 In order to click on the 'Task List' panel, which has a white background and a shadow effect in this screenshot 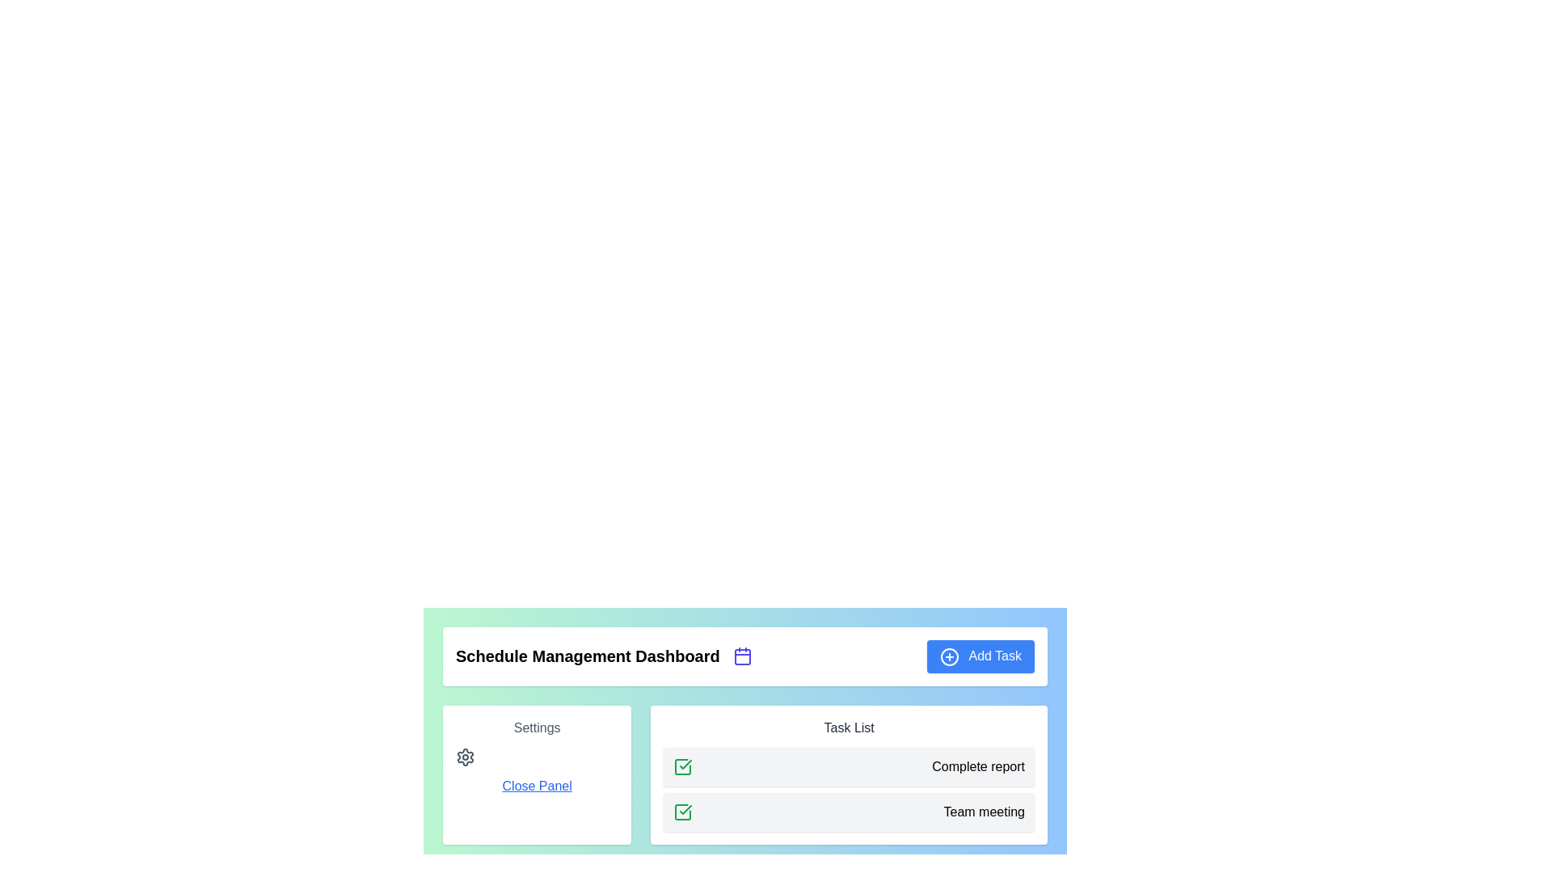, I will do `click(744, 719)`.